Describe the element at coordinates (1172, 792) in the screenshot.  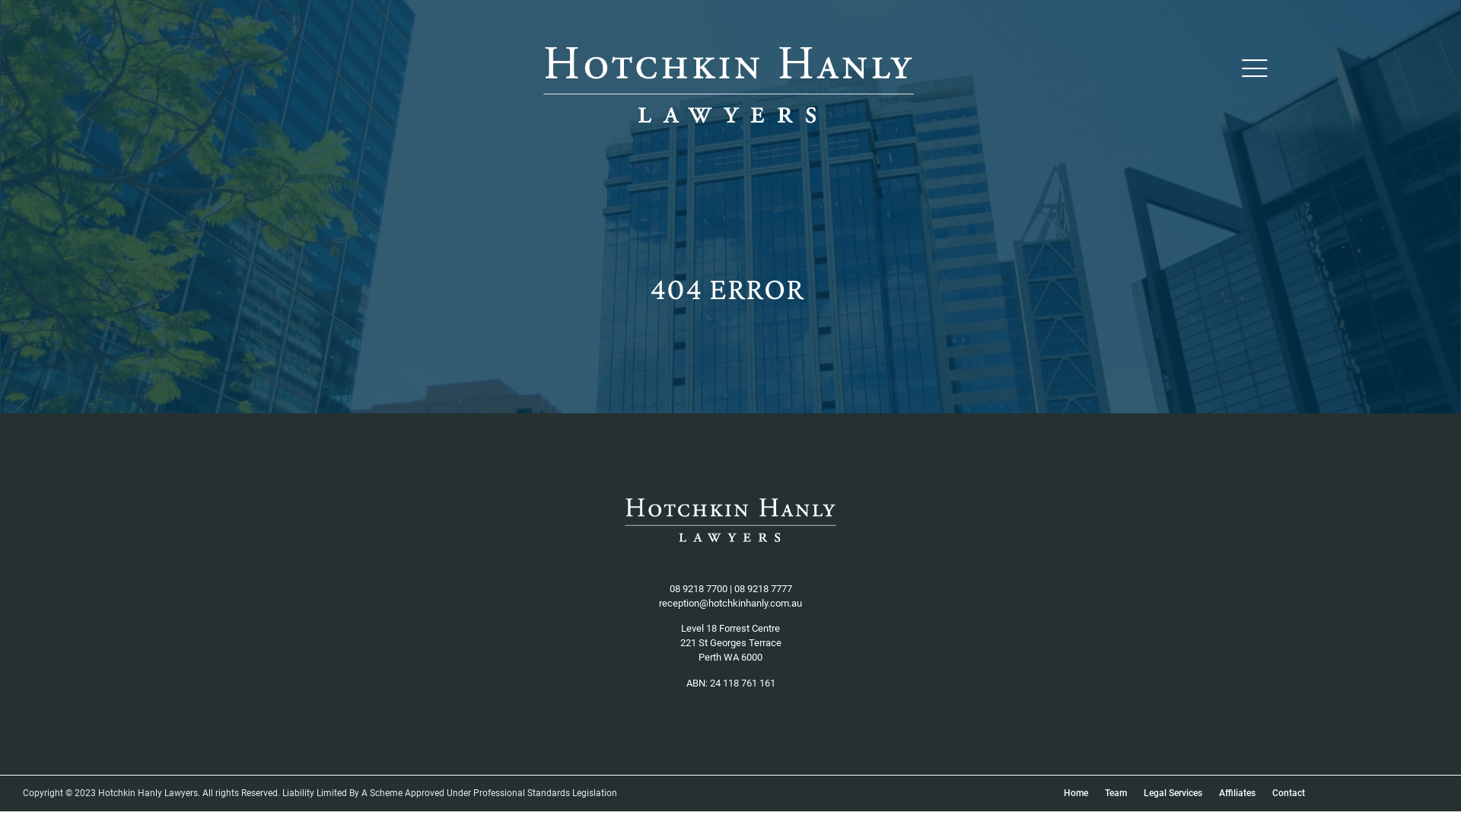
I see `'Legal Services'` at that location.